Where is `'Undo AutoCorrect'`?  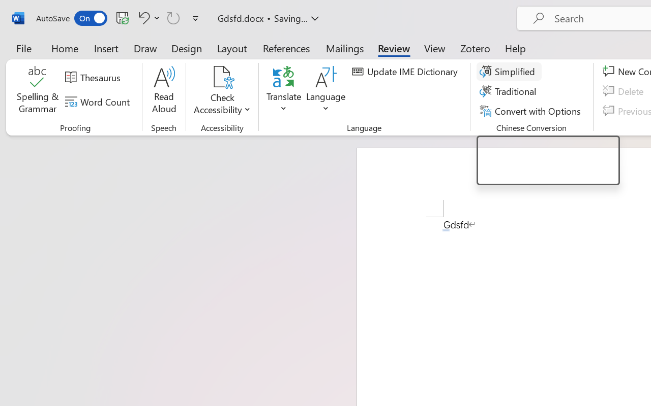 'Undo AutoCorrect' is located at coordinates (142, 17).